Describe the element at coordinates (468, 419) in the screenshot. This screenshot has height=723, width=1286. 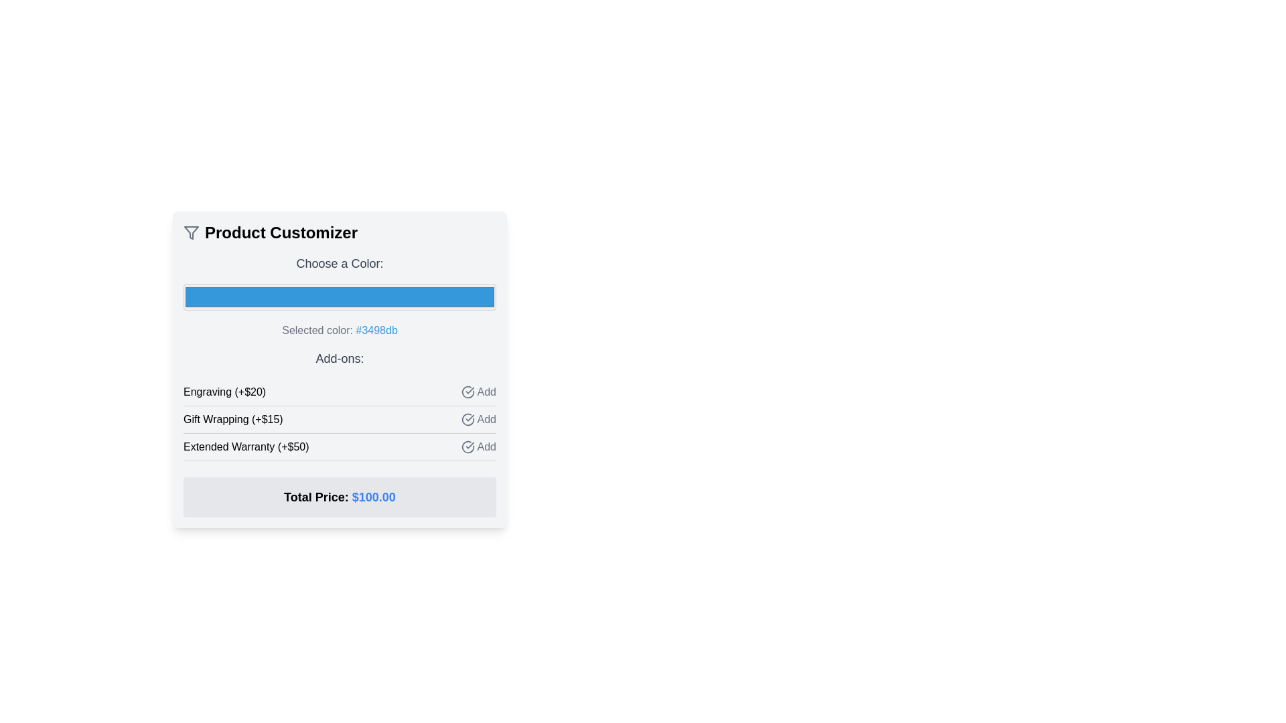
I see `the selection confirmation icon, which is a circular icon with a checkmark inside, located to the right of the 'Gift Wrapping (+$15)' text` at that location.